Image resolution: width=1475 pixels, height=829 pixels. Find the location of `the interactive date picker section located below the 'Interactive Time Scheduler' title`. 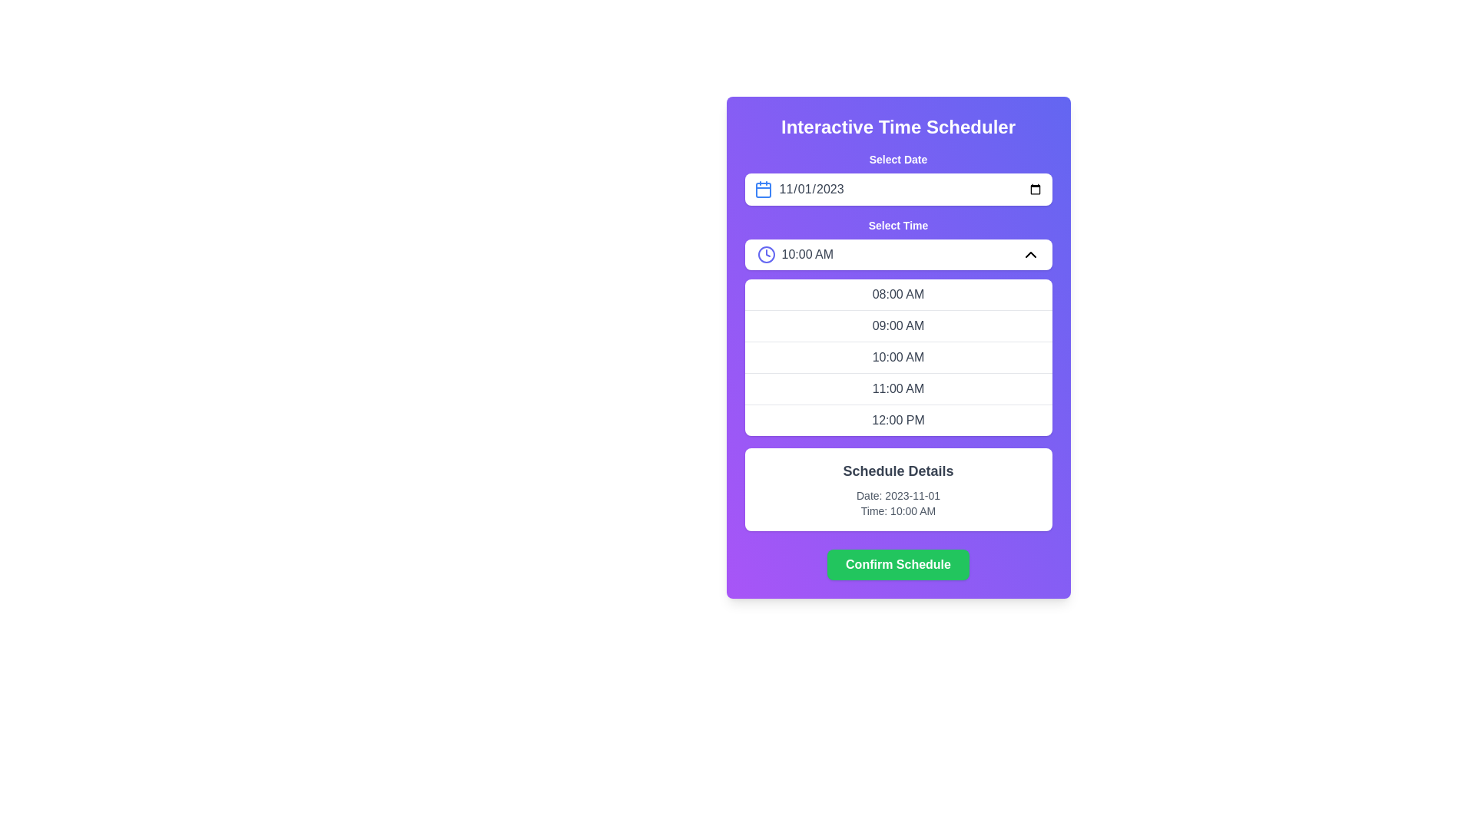

the interactive date picker section located below the 'Interactive Time Scheduler' title is located at coordinates (898, 177).